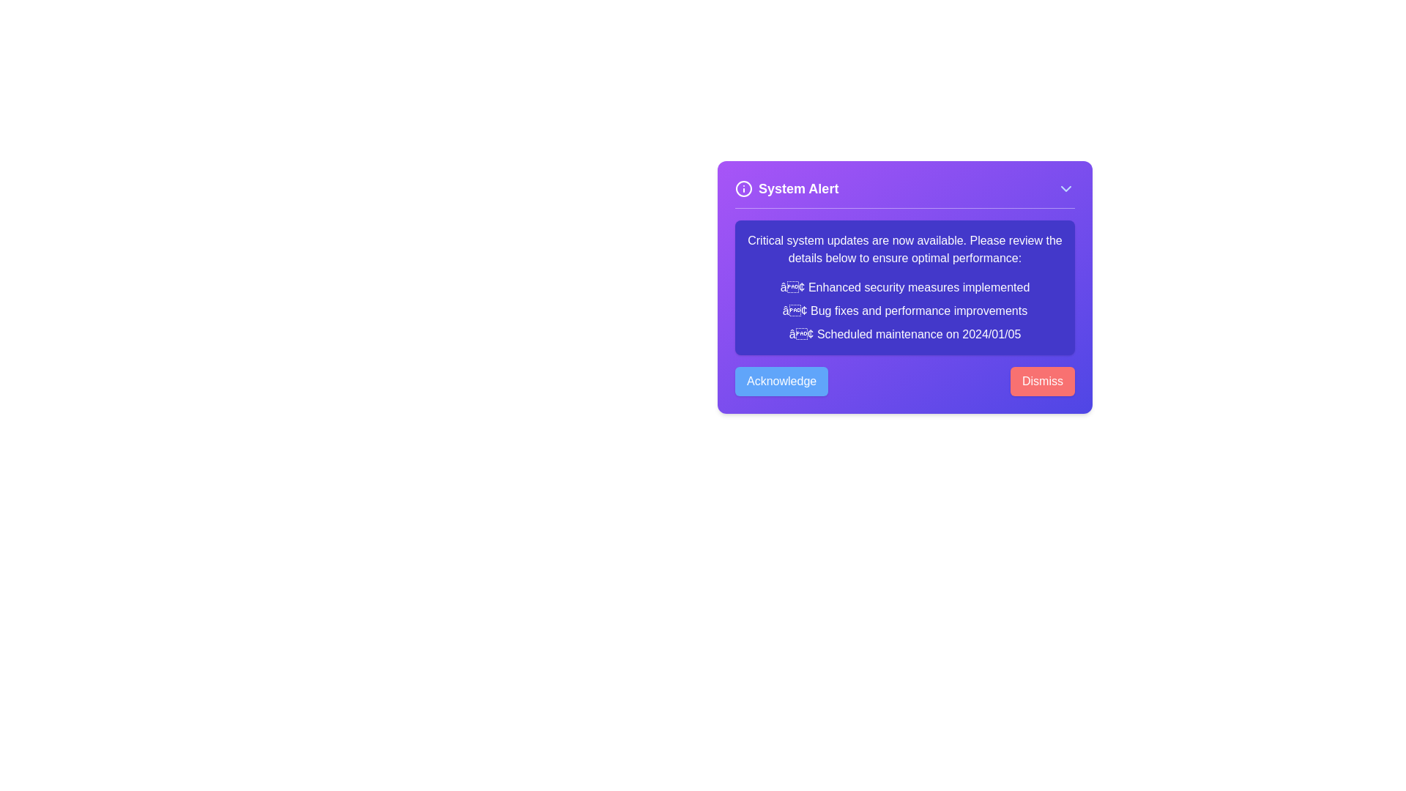 This screenshot has height=791, width=1406. What do you see at coordinates (781, 380) in the screenshot?
I see `the 'Acknowledge' button to acknowledge the alert` at bounding box center [781, 380].